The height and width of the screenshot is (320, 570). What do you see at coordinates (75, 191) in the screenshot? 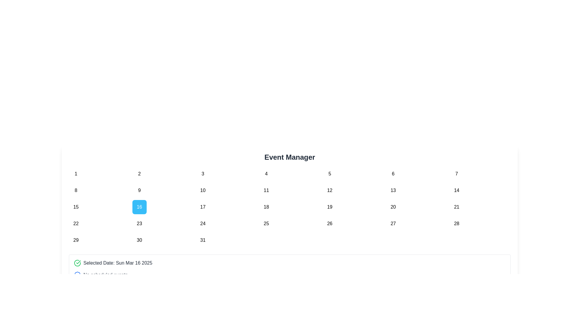
I see `the square button labeled '8' with a rounded border` at bounding box center [75, 191].